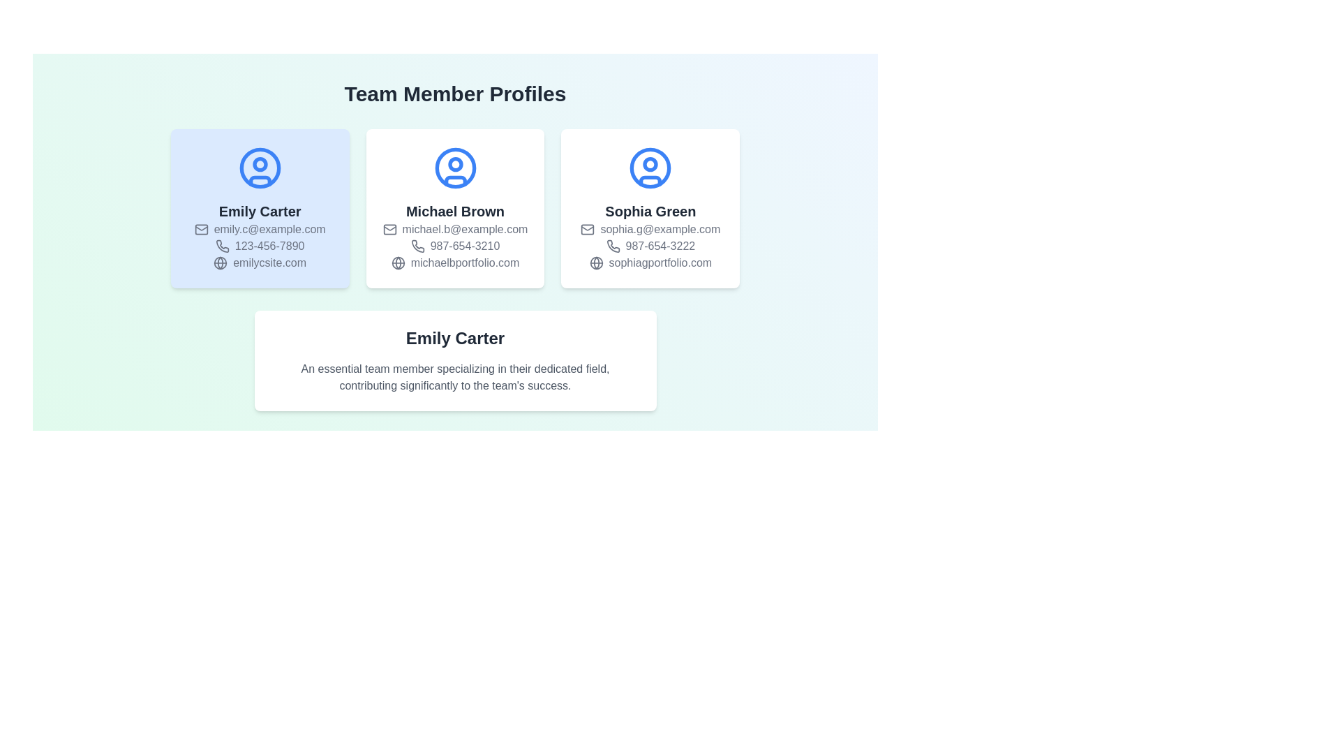  I want to click on SVG Circle element with a blue border located within the user avatar icon for Emily Carter in the top-center of the leftmost card, so click(260, 167).